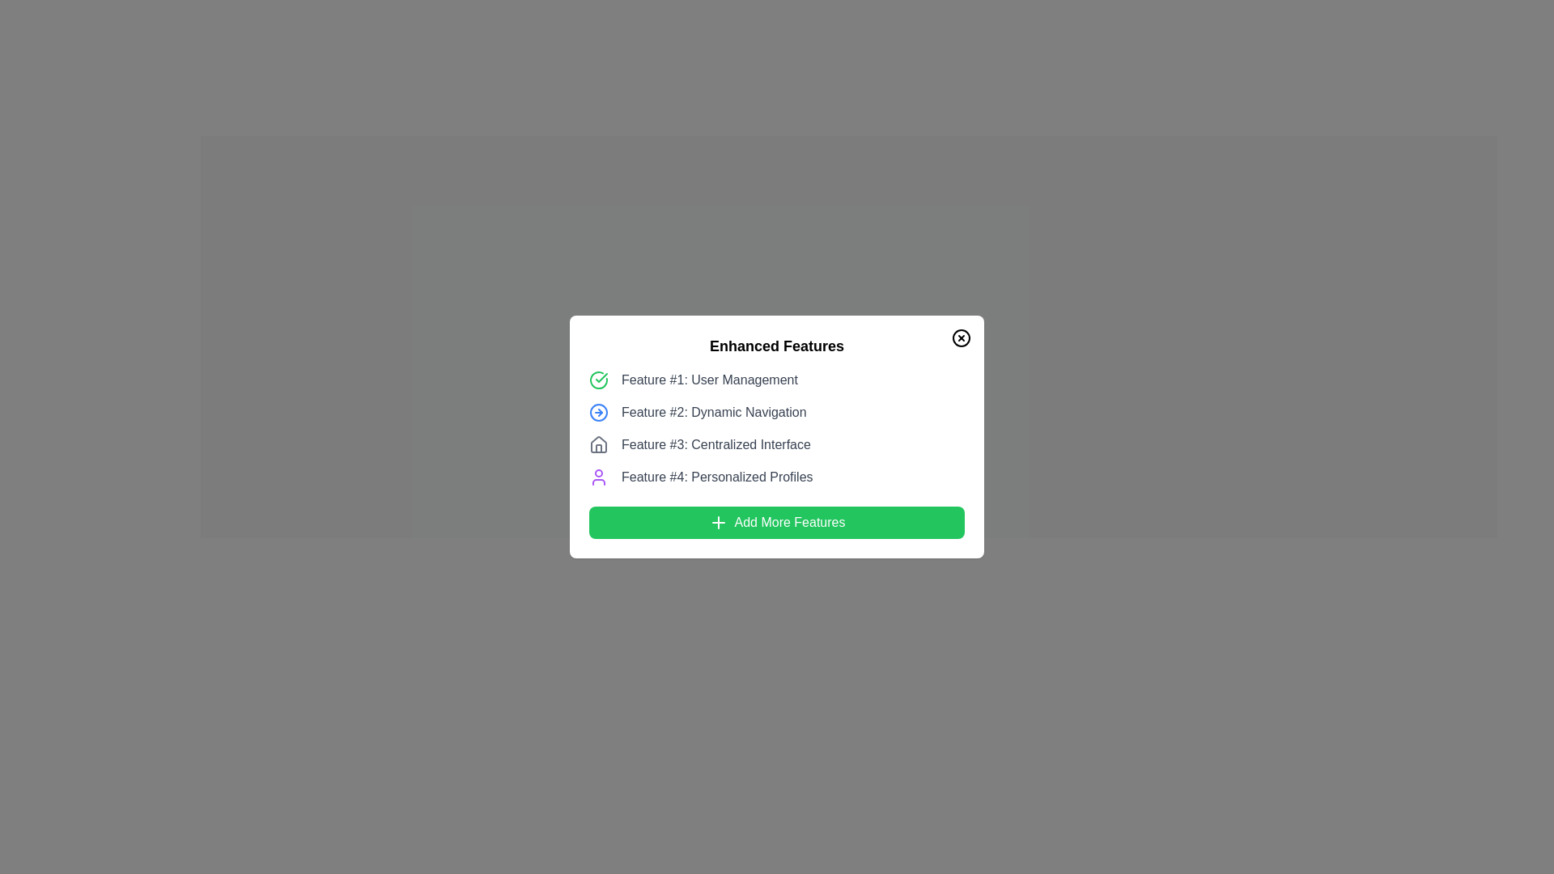  I want to click on the circular green icon with a checkmark that indicates a valid action, positioned next to the text 'Feature #1: User Management', so click(597, 380).